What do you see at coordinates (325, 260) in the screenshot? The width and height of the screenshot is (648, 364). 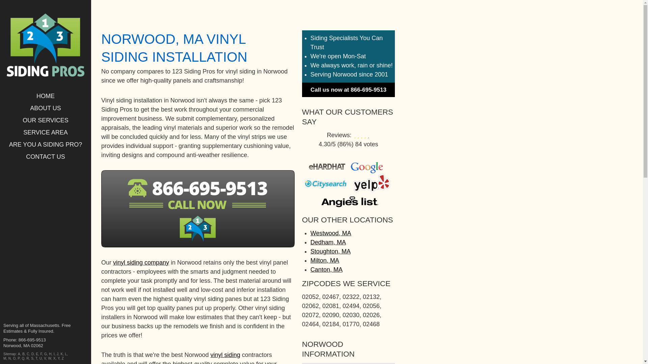 I see `'Milton, MA'` at bounding box center [325, 260].